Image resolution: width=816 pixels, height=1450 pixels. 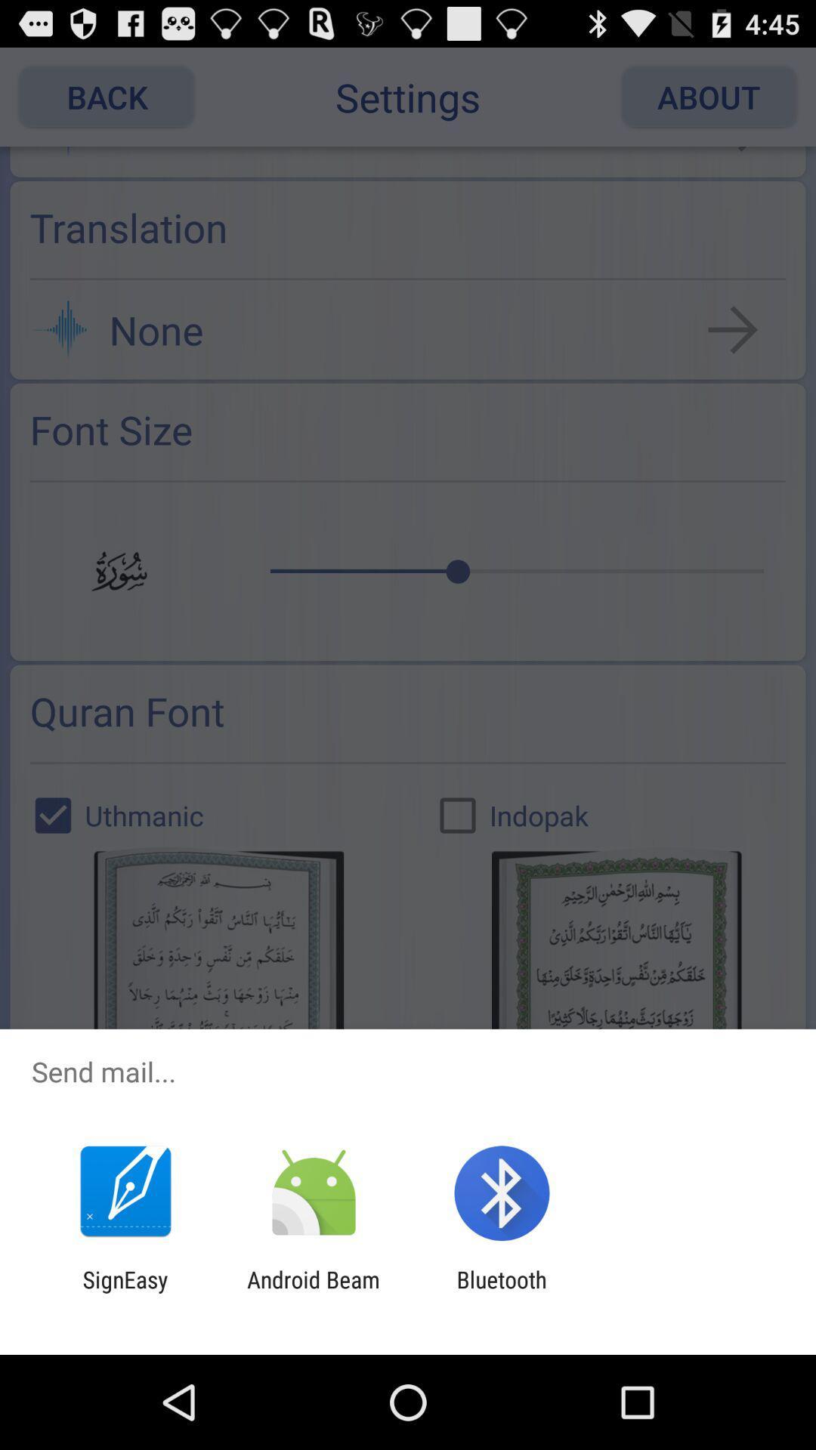 What do you see at coordinates (313, 1292) in the screenshot?
I see `app to the left of bluetooth app` at bounding box center [313, 1292].